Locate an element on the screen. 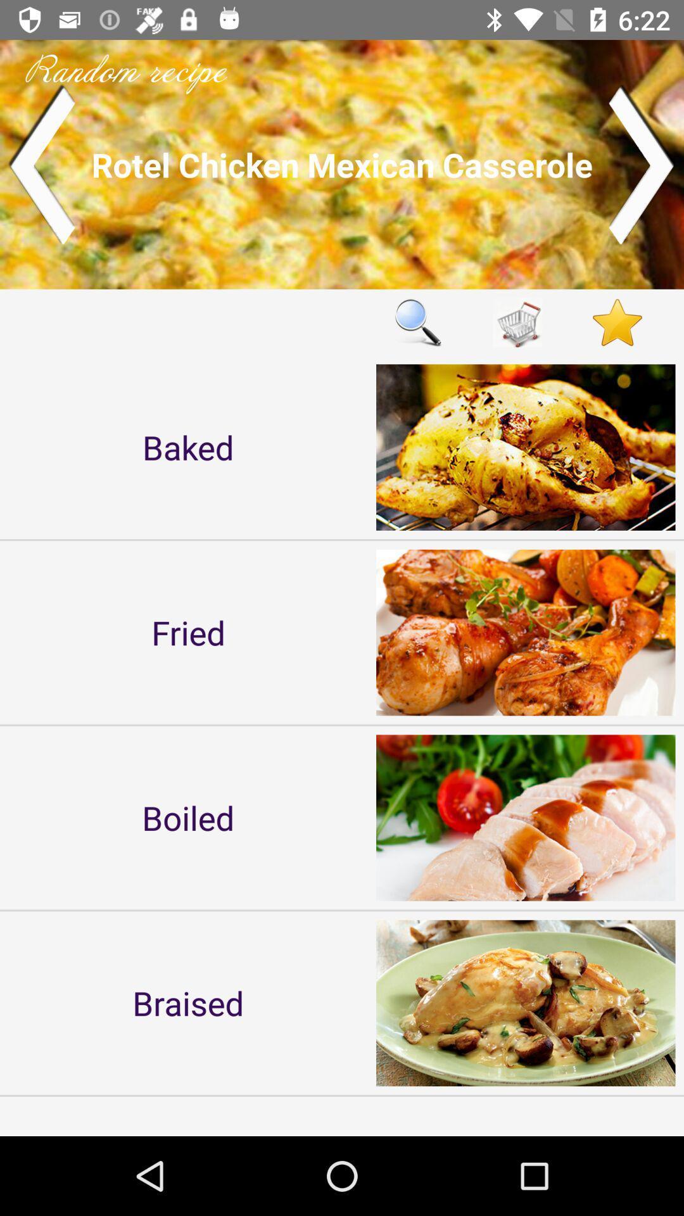  changes picture back is located at coordinates (41, 163).